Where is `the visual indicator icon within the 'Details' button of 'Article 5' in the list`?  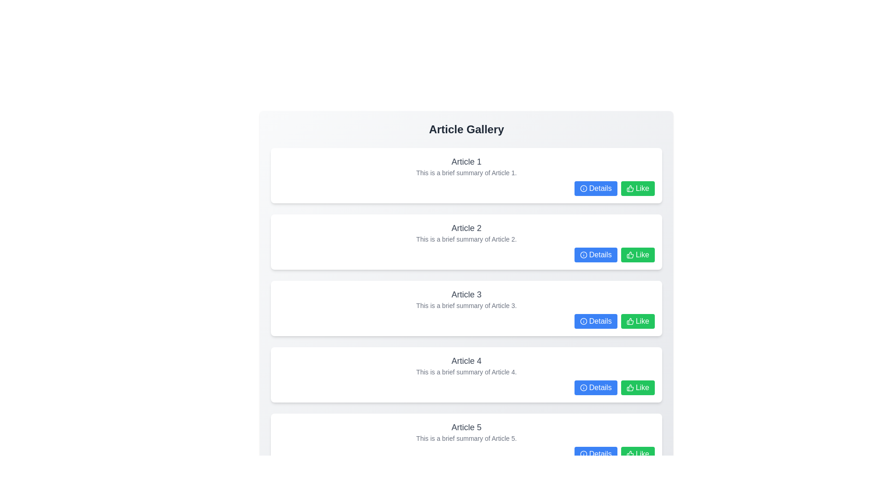 the visual indicator icon within the 'Details' button of 'Article 5' in the list is located at coordinates (583, 453).